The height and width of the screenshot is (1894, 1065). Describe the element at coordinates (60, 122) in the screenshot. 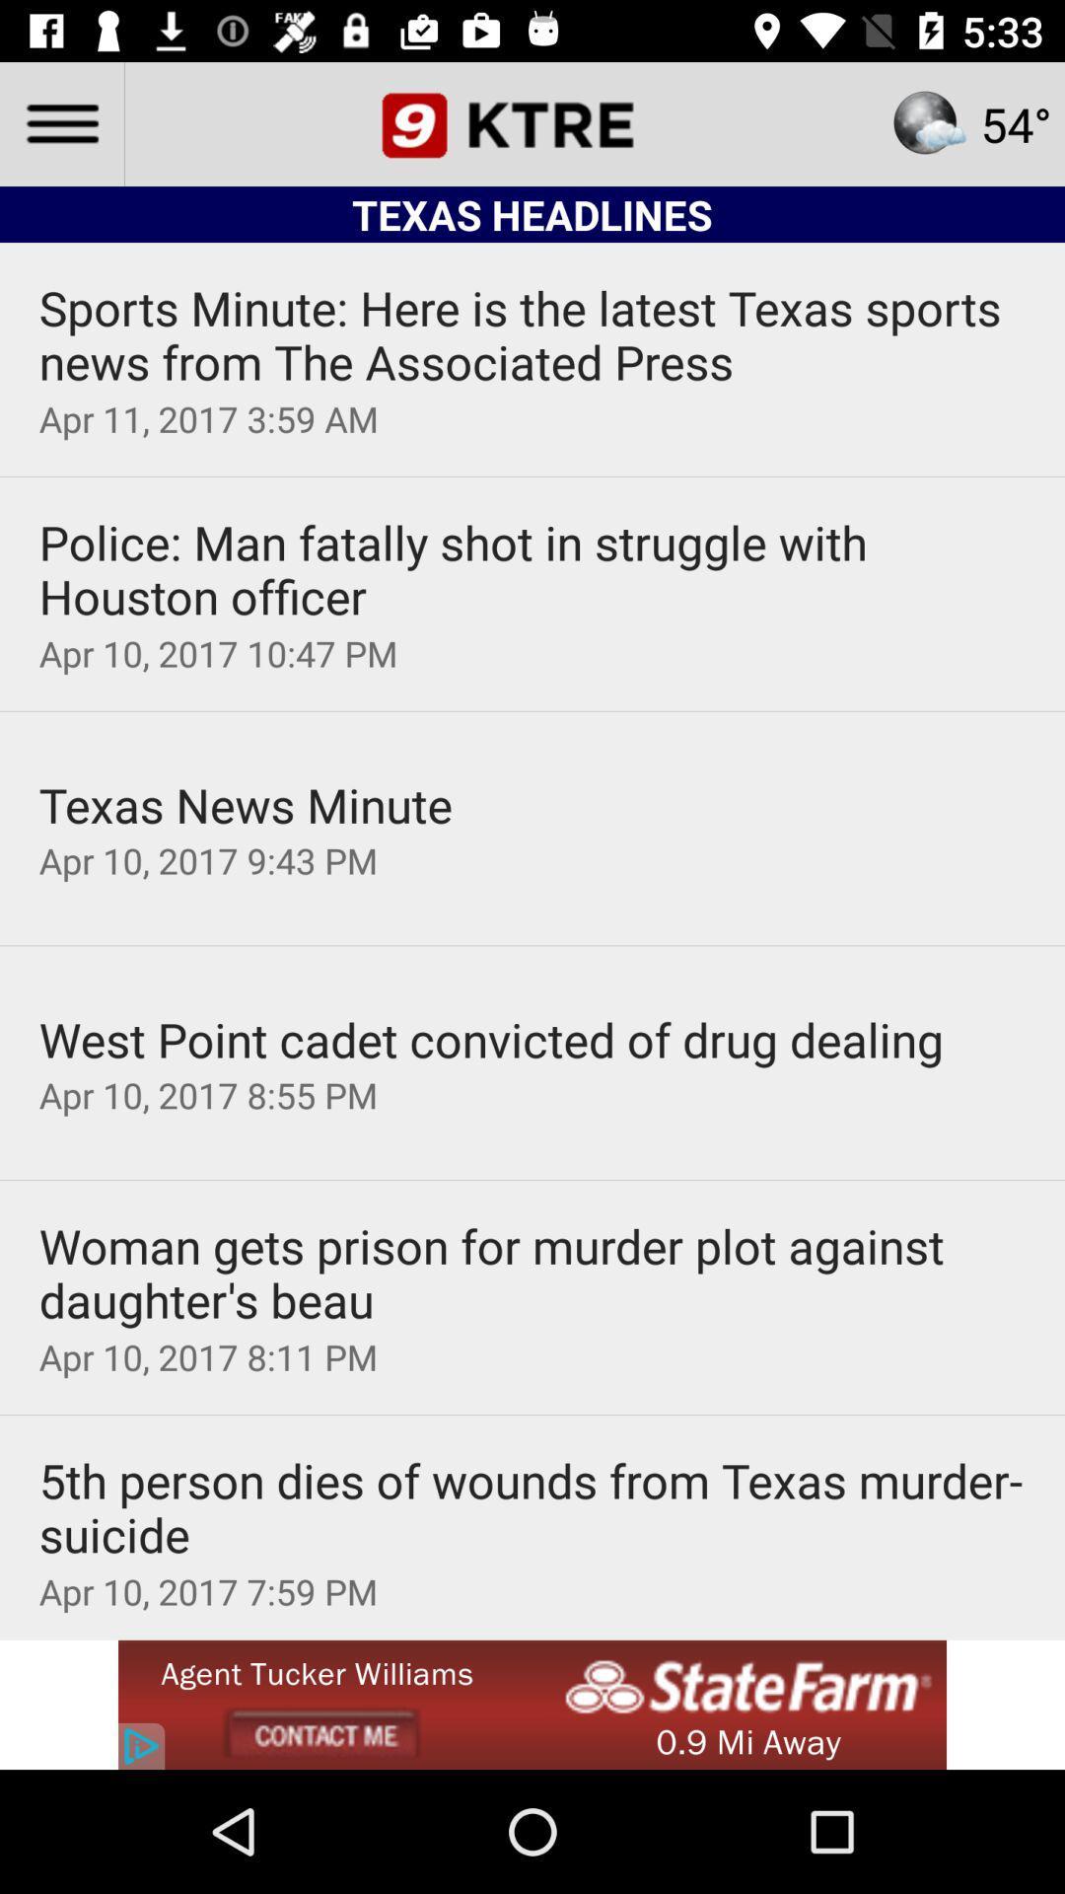

I see `the menu icon` at that location.